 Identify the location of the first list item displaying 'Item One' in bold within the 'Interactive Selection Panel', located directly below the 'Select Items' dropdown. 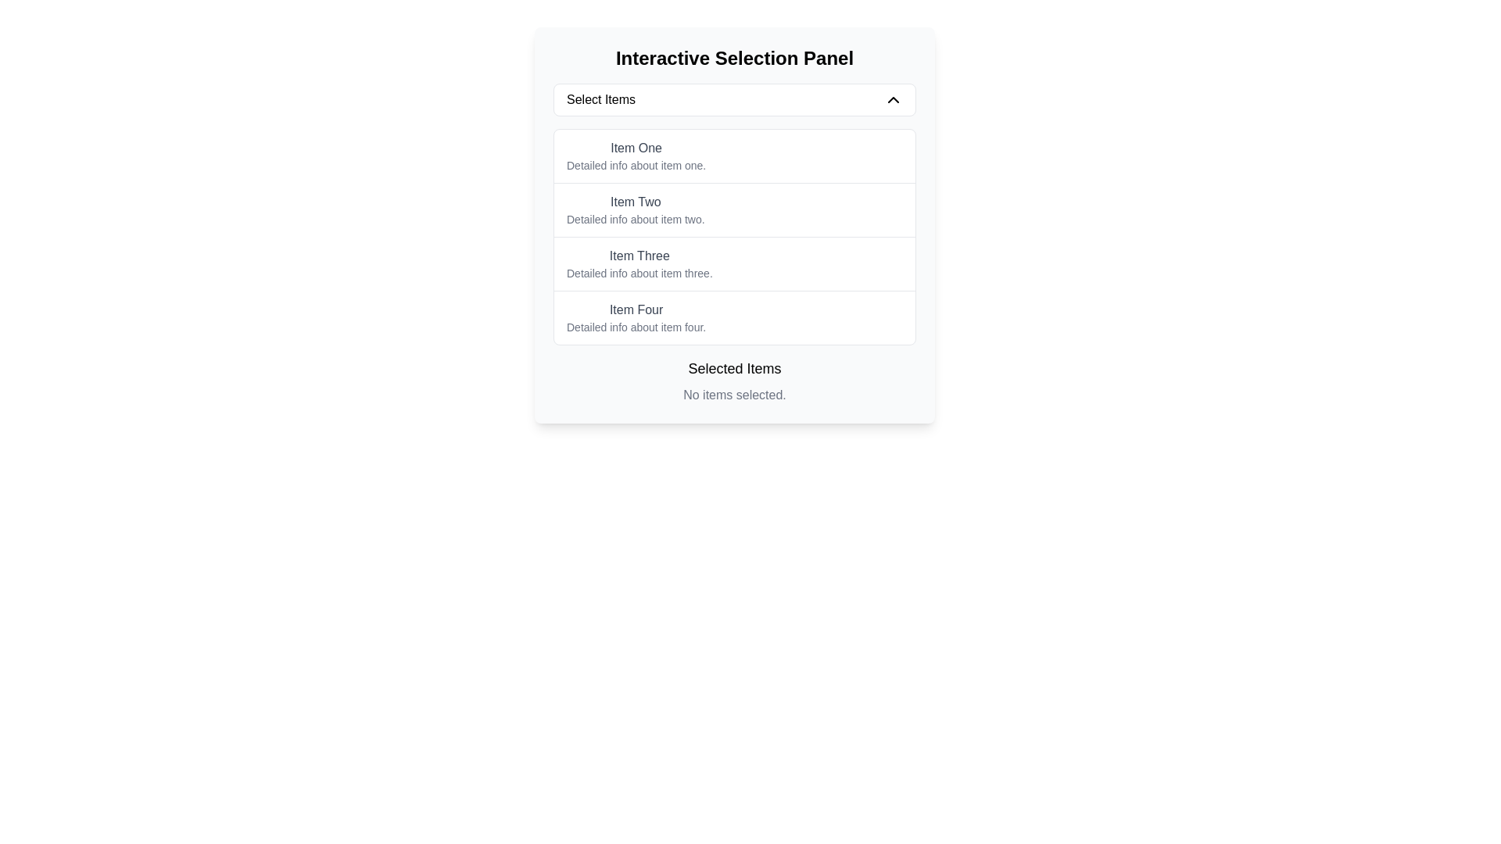
(734, 156).